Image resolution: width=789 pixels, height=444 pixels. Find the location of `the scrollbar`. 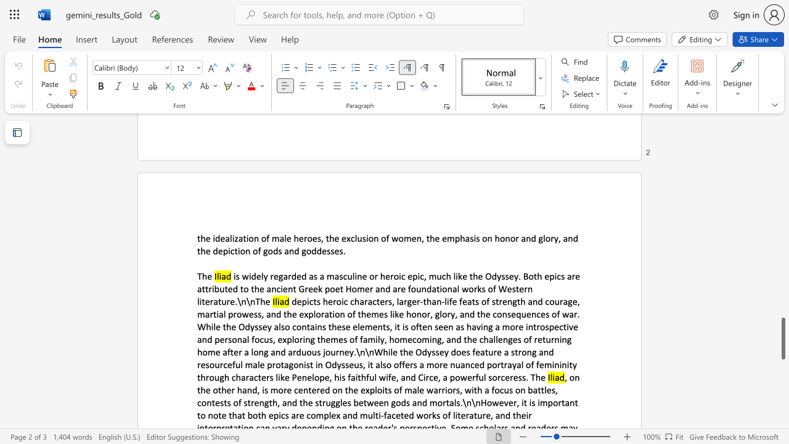

the scrollbar is located at coordinates (782, 202).